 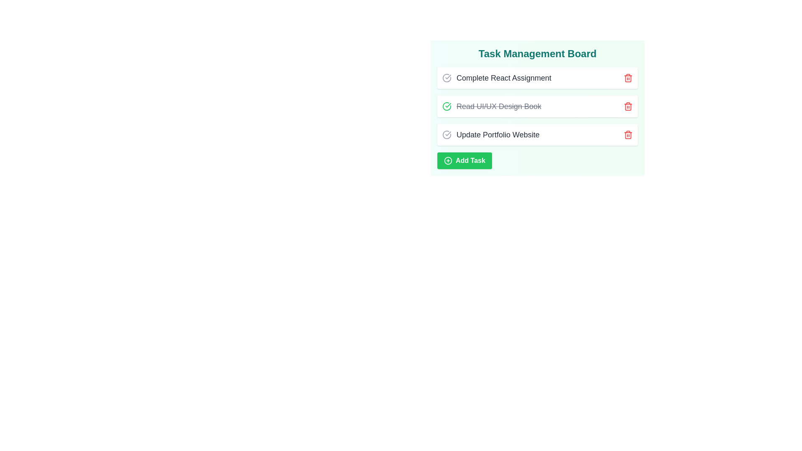 I want to click on the trash icon next to the task Complete React Assignment to delete it, so click(x=628, y=78).